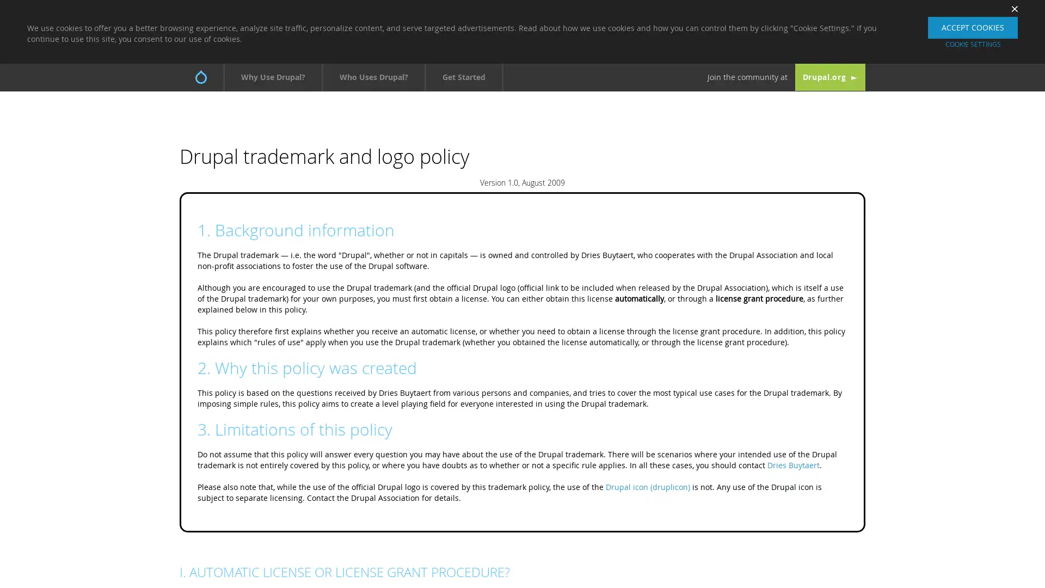 The image size is (1045, 588). What do you see at coordinates (973, 27) in the screenshot?
I see `ACCEPT COOKIES` at bounding box center [973, 27].